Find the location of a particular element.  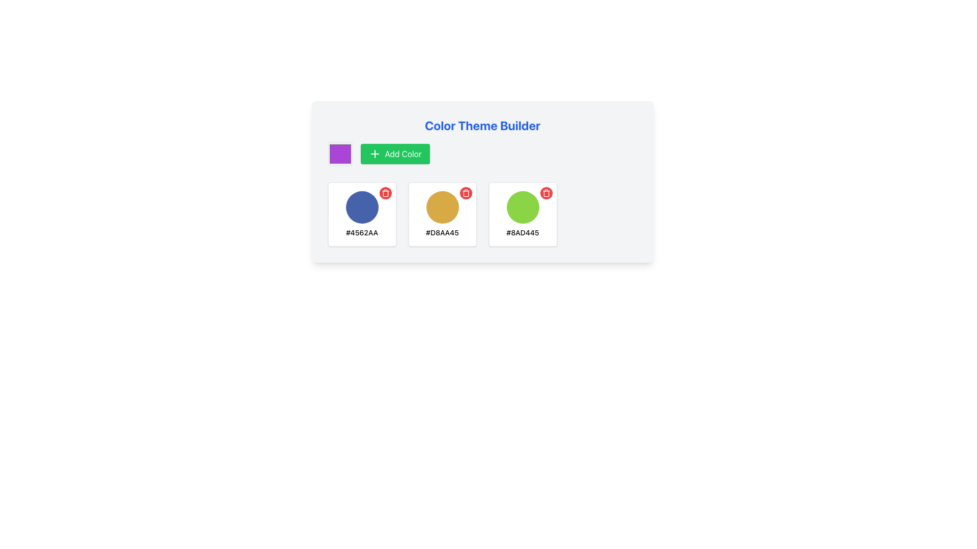

hex code displayed on the first blue color entry of the color palette in the Information Card, located within the Color Theme Builder interface is located at coordinates (362, 213).